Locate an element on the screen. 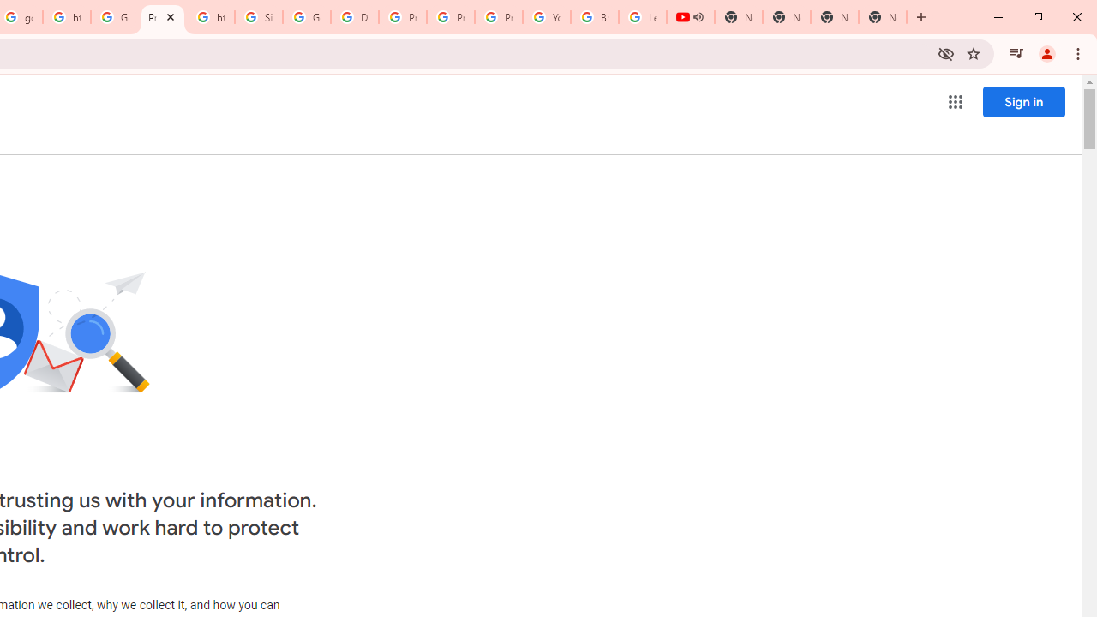 Image resolution: width=1097 pixels, height=617 pixels. 'Sign in - Google Accounts' is located at coordinates (258, 17).